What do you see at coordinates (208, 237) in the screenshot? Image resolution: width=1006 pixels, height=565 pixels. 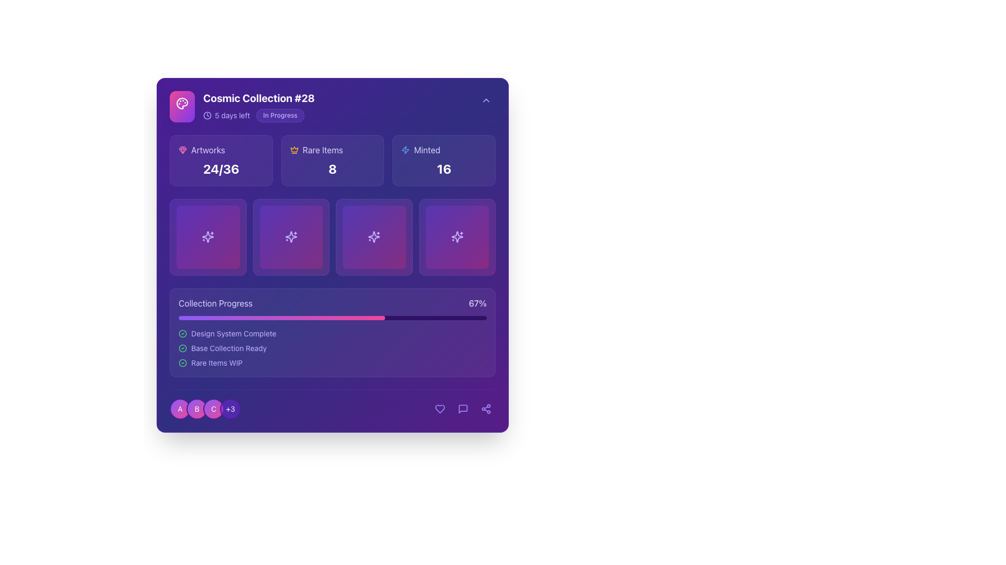 I see `the interactive decorative tile located in the first column and first row of the grid below the 'Artworks', 'Rare Items', and 'Minted' statistics section` at bounding box center [208, 237].